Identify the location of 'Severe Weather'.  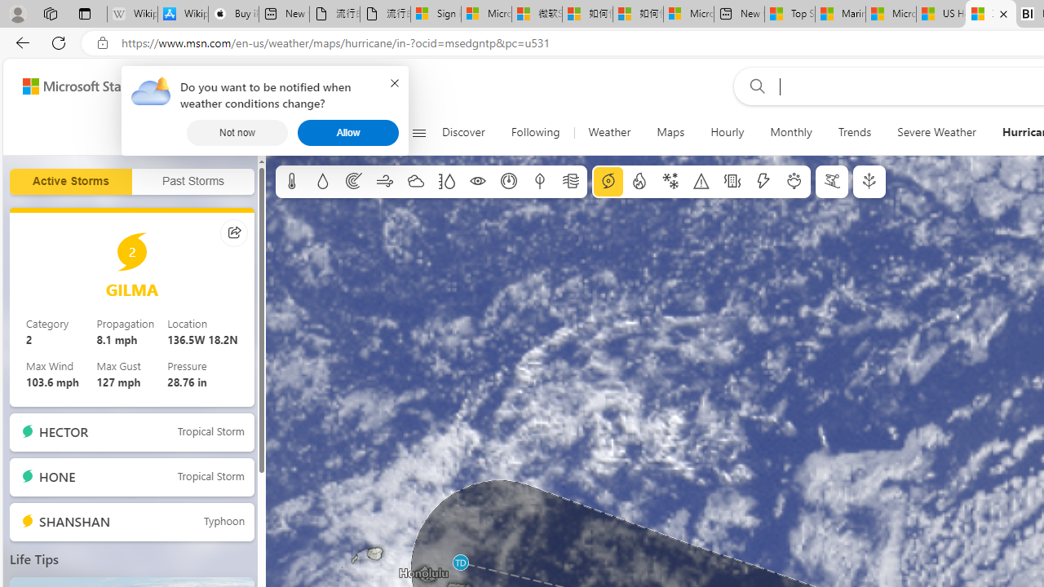
(936, 132).